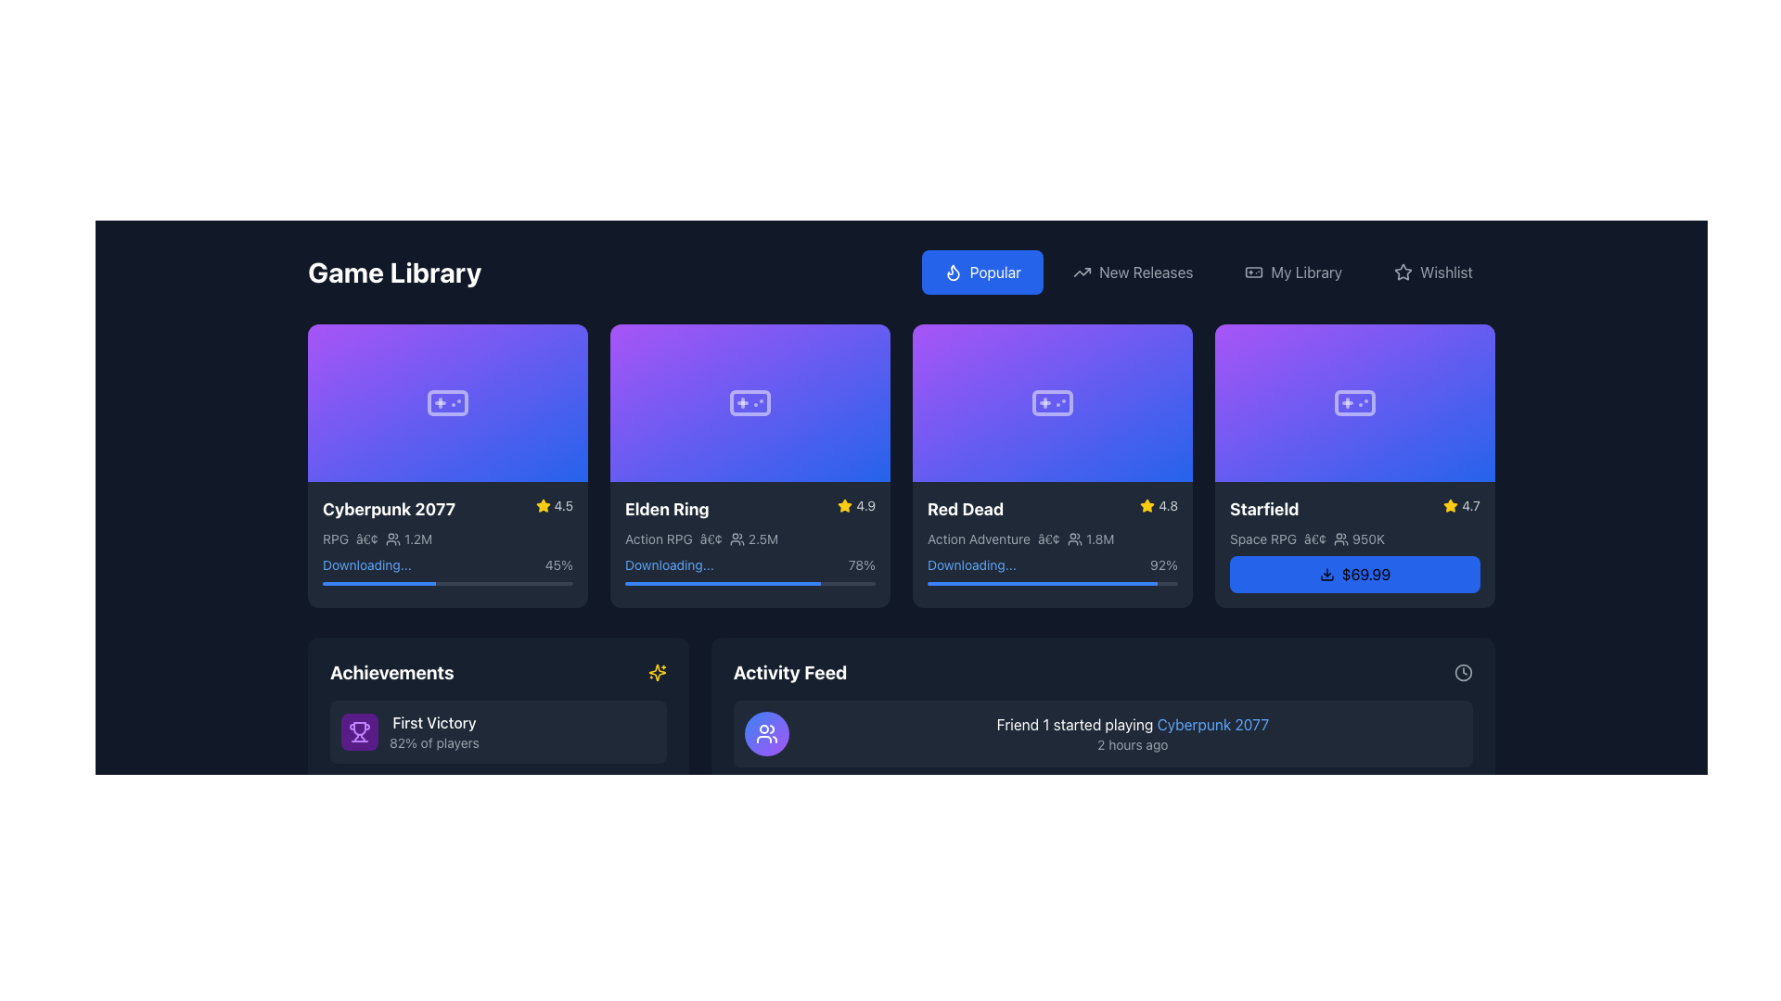  What do you see at coordinates (1359, 539) in the screenshot?
I see `the Text label indicating the numeric value of user count or player base, which is positioned next to an icon of a group of people` at bounding box center [1359, 539].